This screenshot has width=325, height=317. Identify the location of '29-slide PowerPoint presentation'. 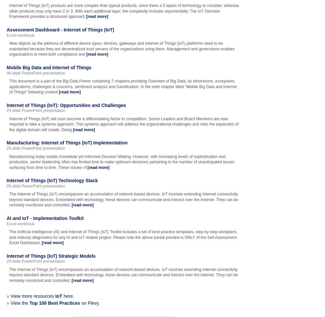
(35, 261).